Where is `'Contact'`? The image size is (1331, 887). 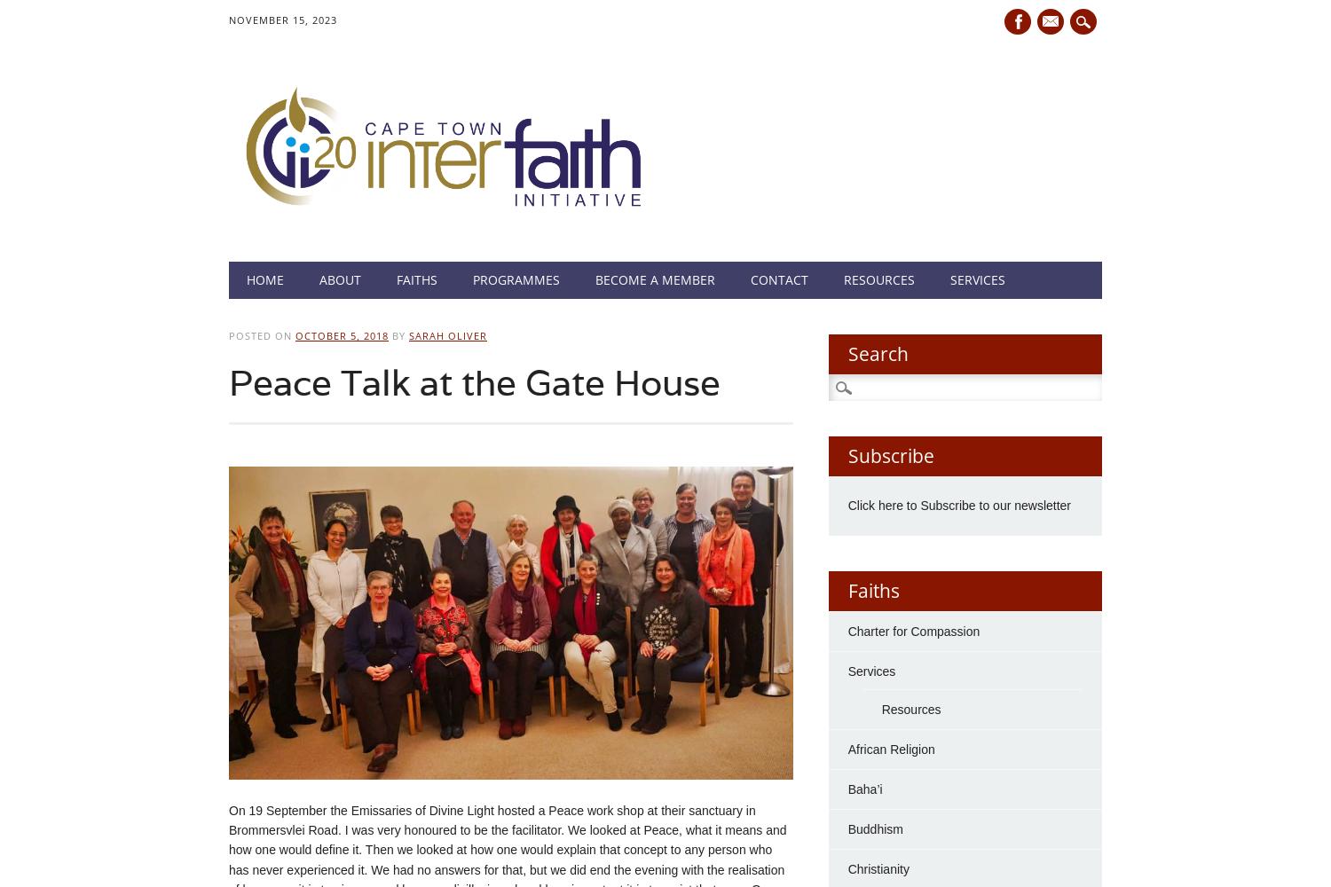
'Contact' is located at coordinates (779, 278).